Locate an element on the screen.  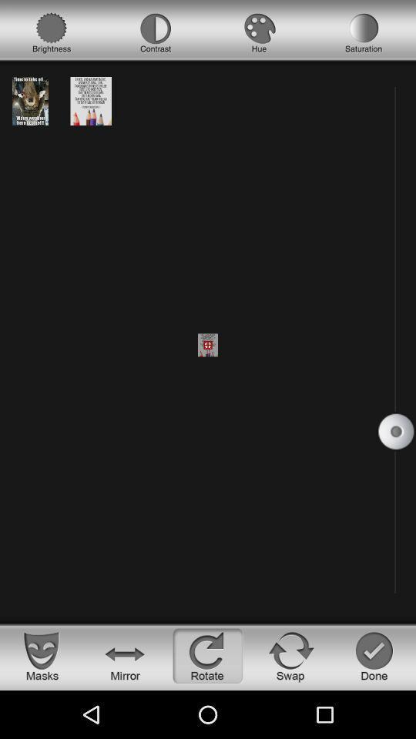
rotate the image is located at coordinates (208, 655).